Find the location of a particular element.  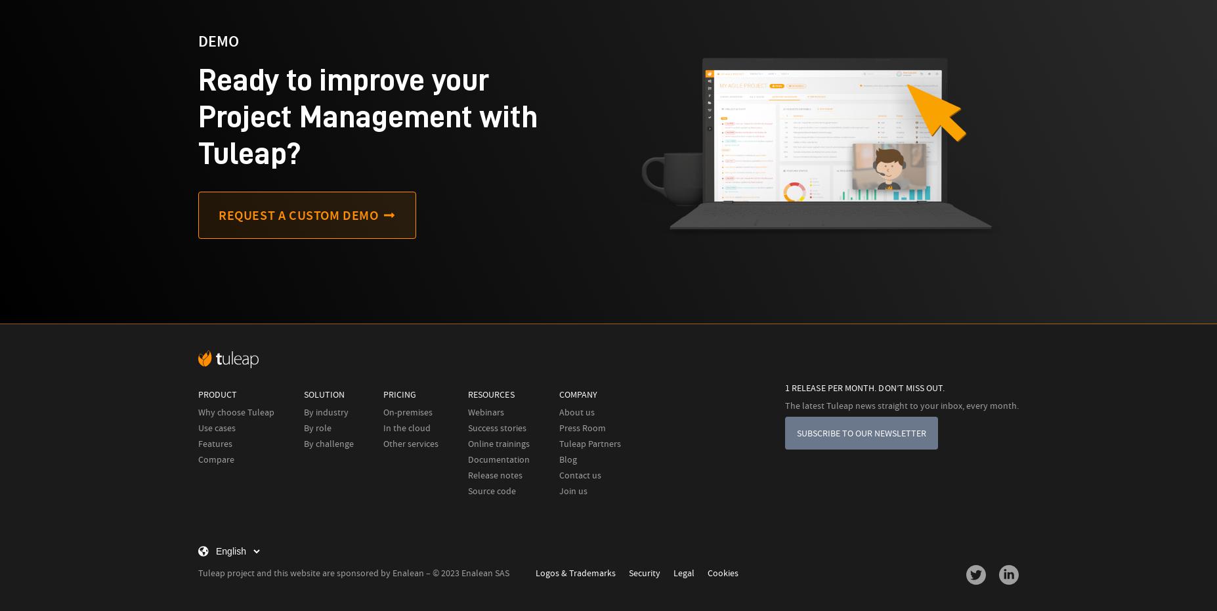

'By challenge' is located at coordinates (328, 442).